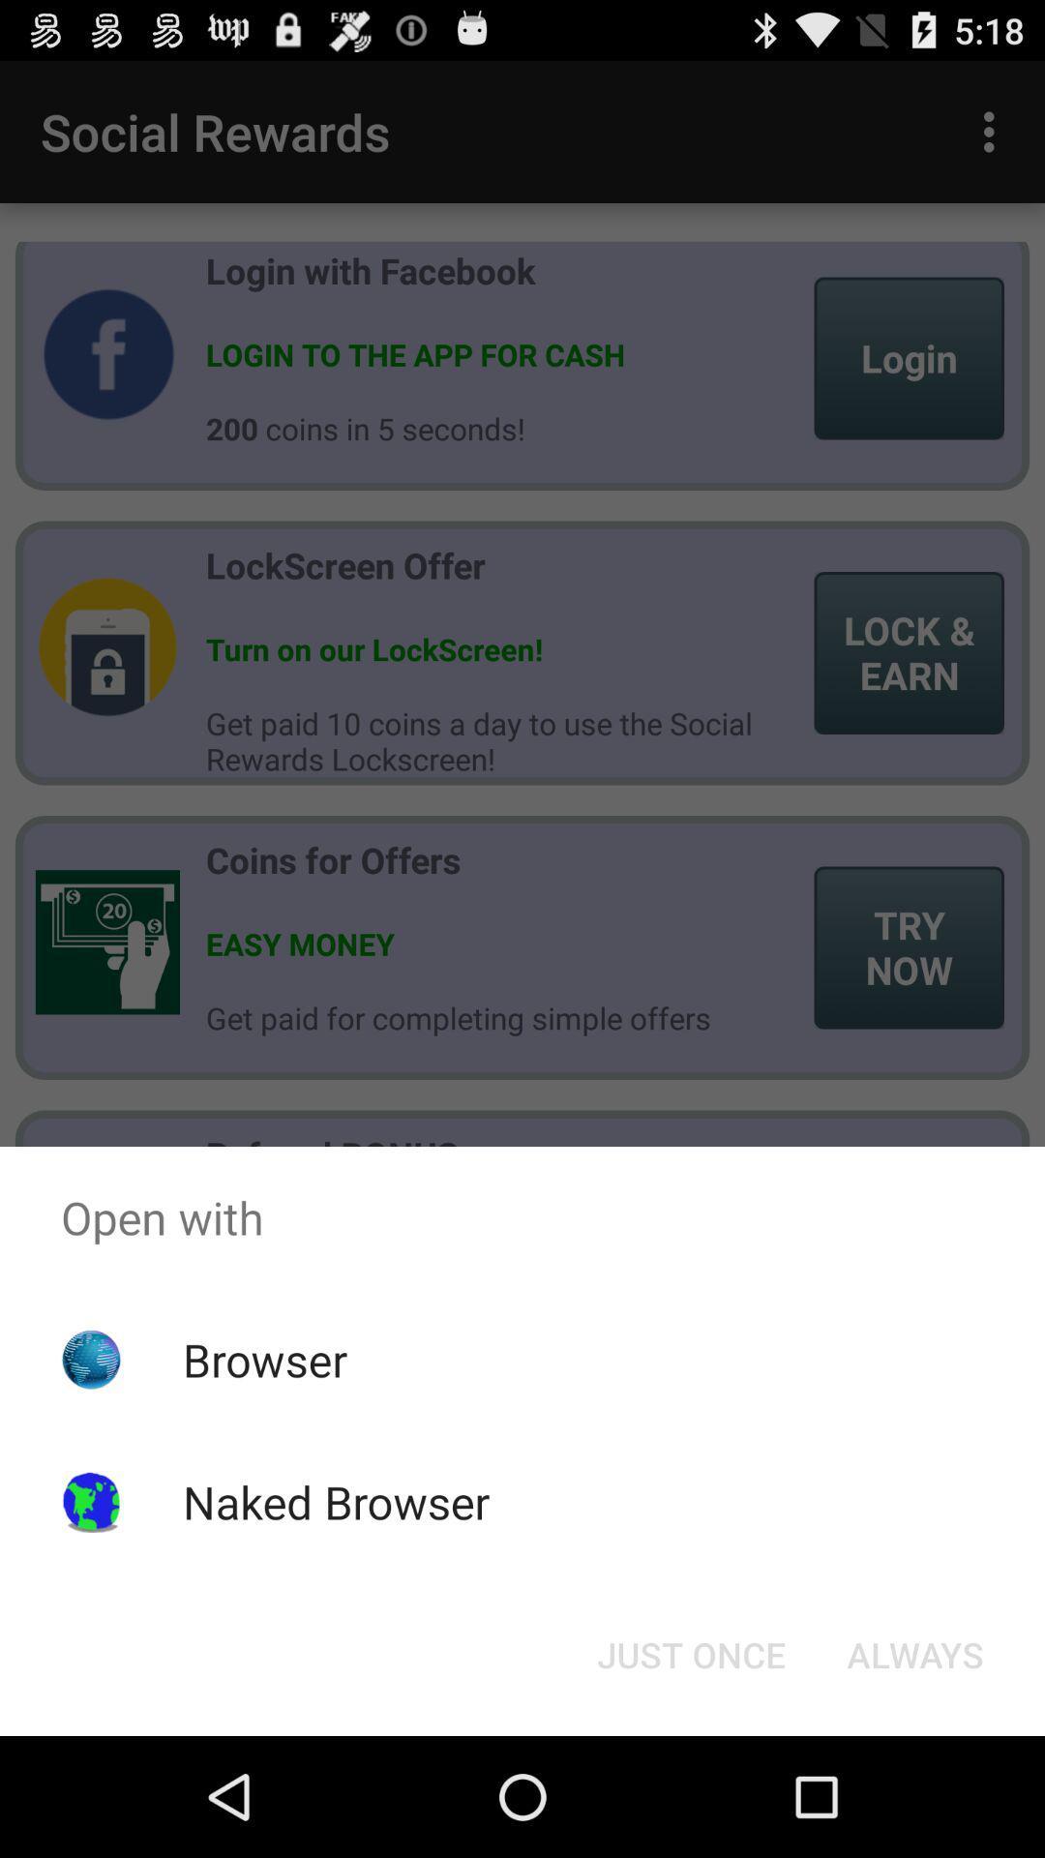 This screenshot has width=1045, height=1858. I want to click on naked browser item, so click(335, 1501).